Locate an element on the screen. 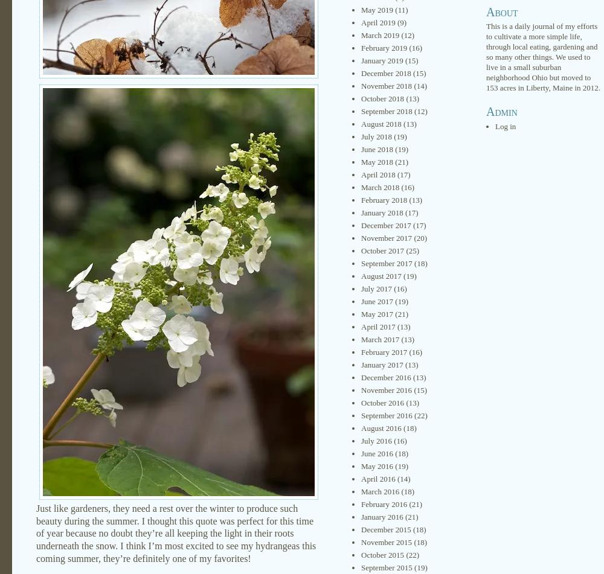 The height and width of the screenshot is (574, 604). 'November 2017' is located at coordinates (387, 238).